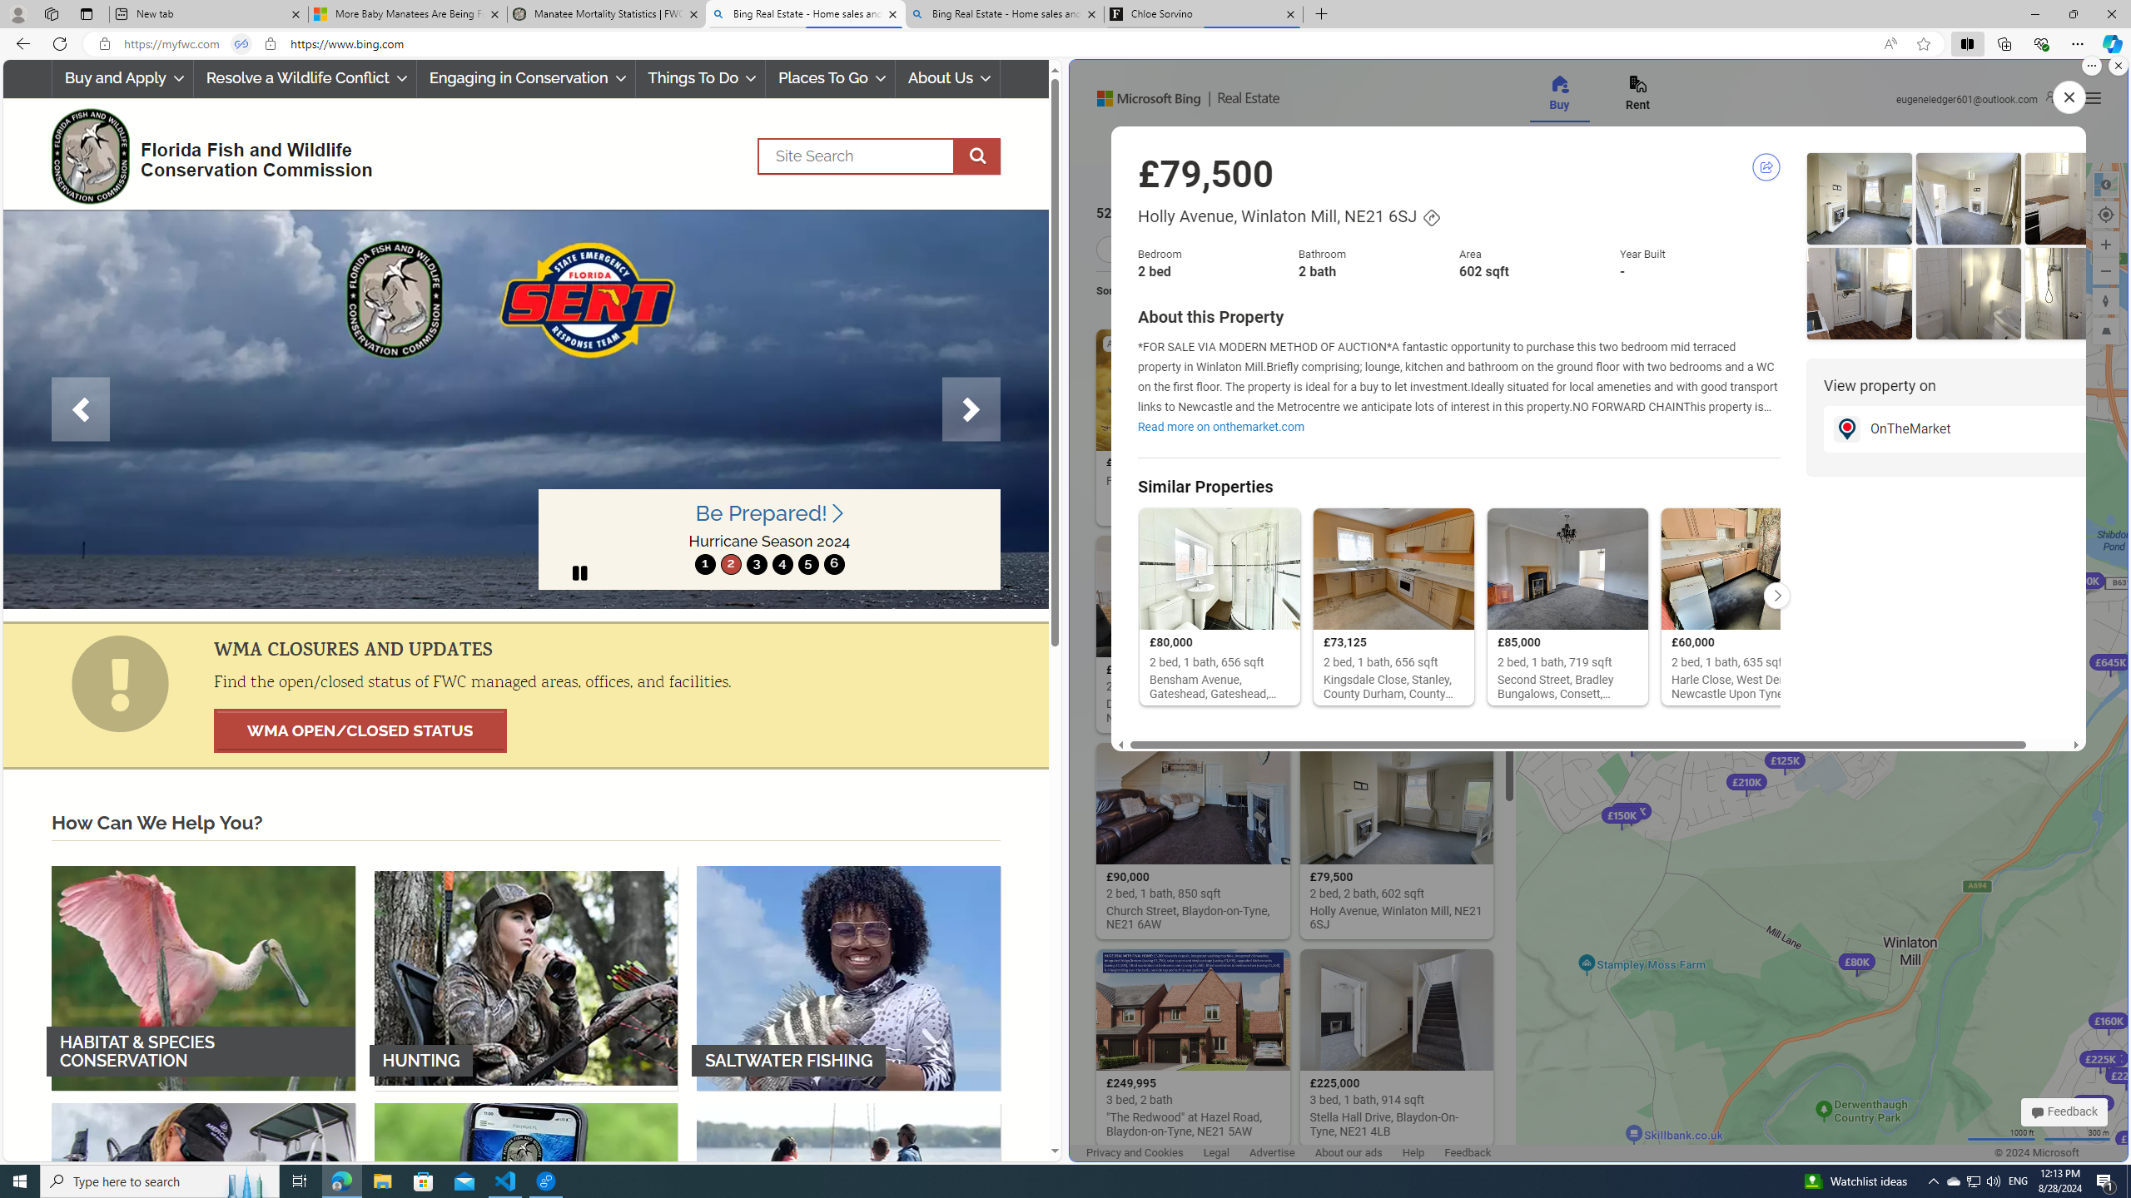 The width and height of the screenshot is (2131, 1198). I want to click on 'Chloe Sorvino', so click(1204, 13).